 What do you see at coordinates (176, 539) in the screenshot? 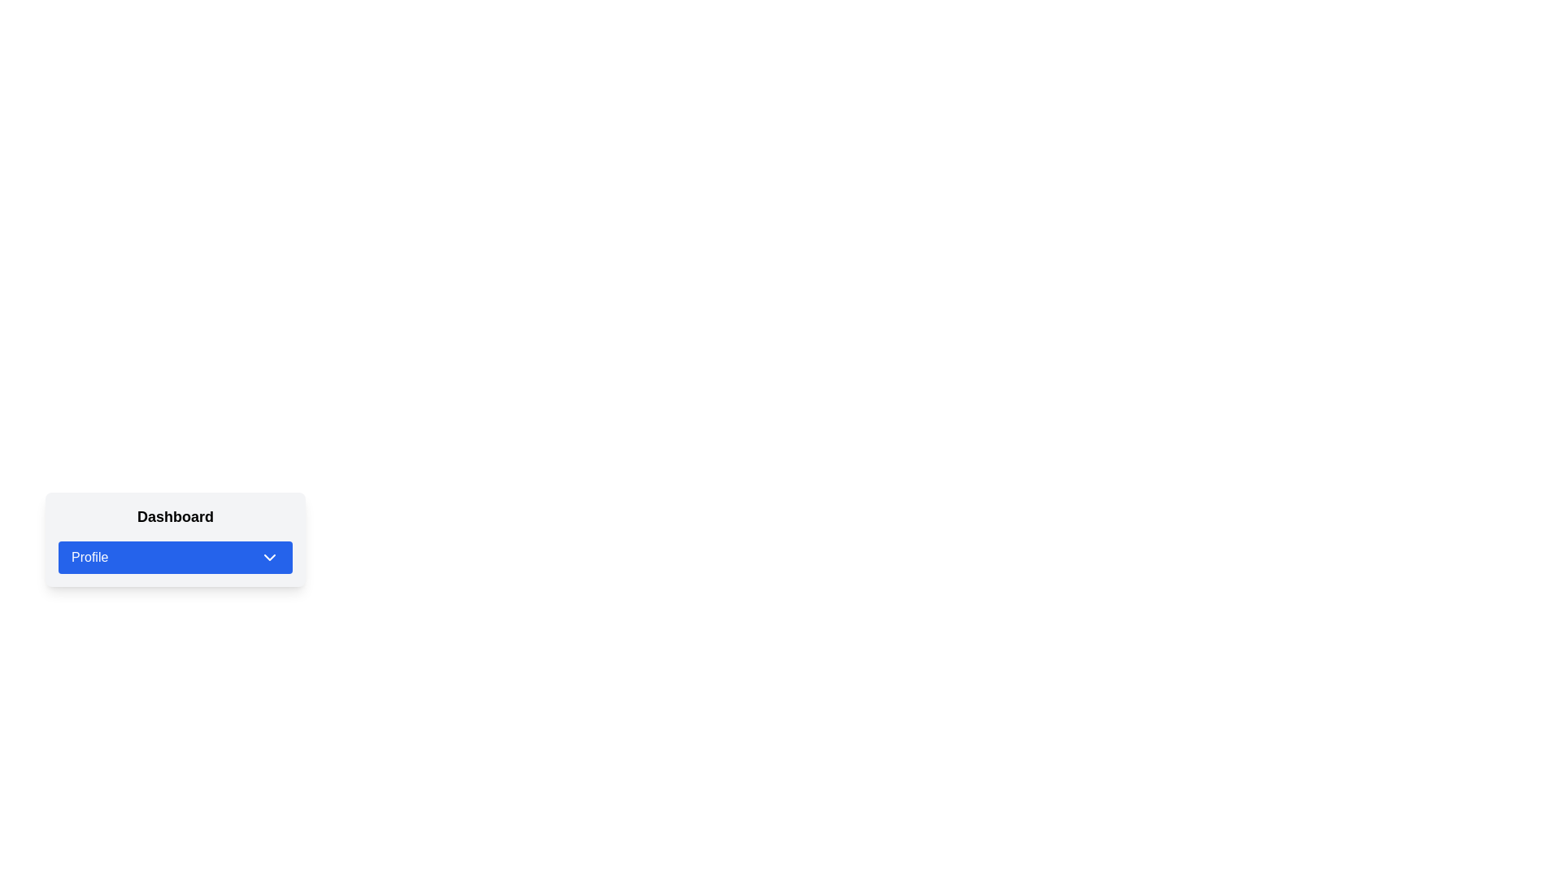
I see `the rectangular button with a blue background and white text reading 'Profile'` at bounding box center [176, 539].